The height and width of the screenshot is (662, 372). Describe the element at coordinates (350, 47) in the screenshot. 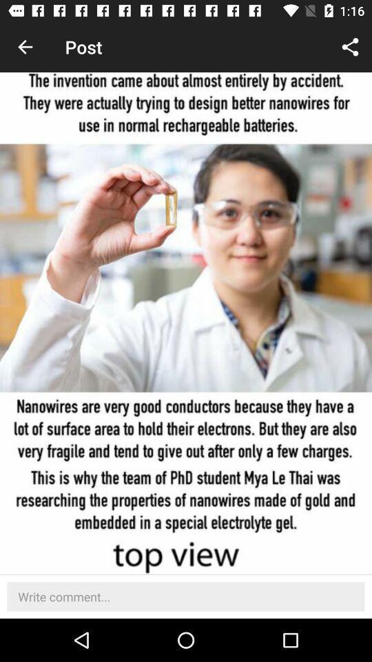

I see `the item at the top right corner` at that location.